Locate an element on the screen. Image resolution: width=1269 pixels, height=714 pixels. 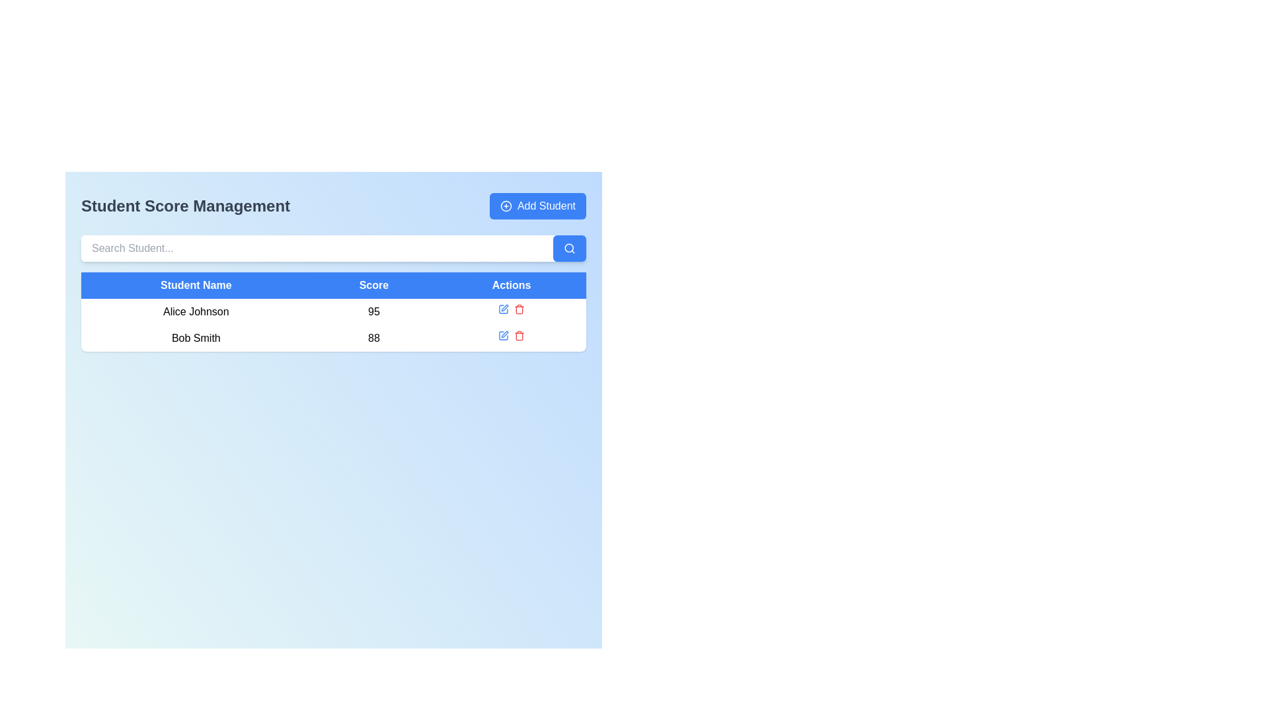
the table row element displaying 'Alice Johnson95' to interact with it is located at coordinates (333, 311).